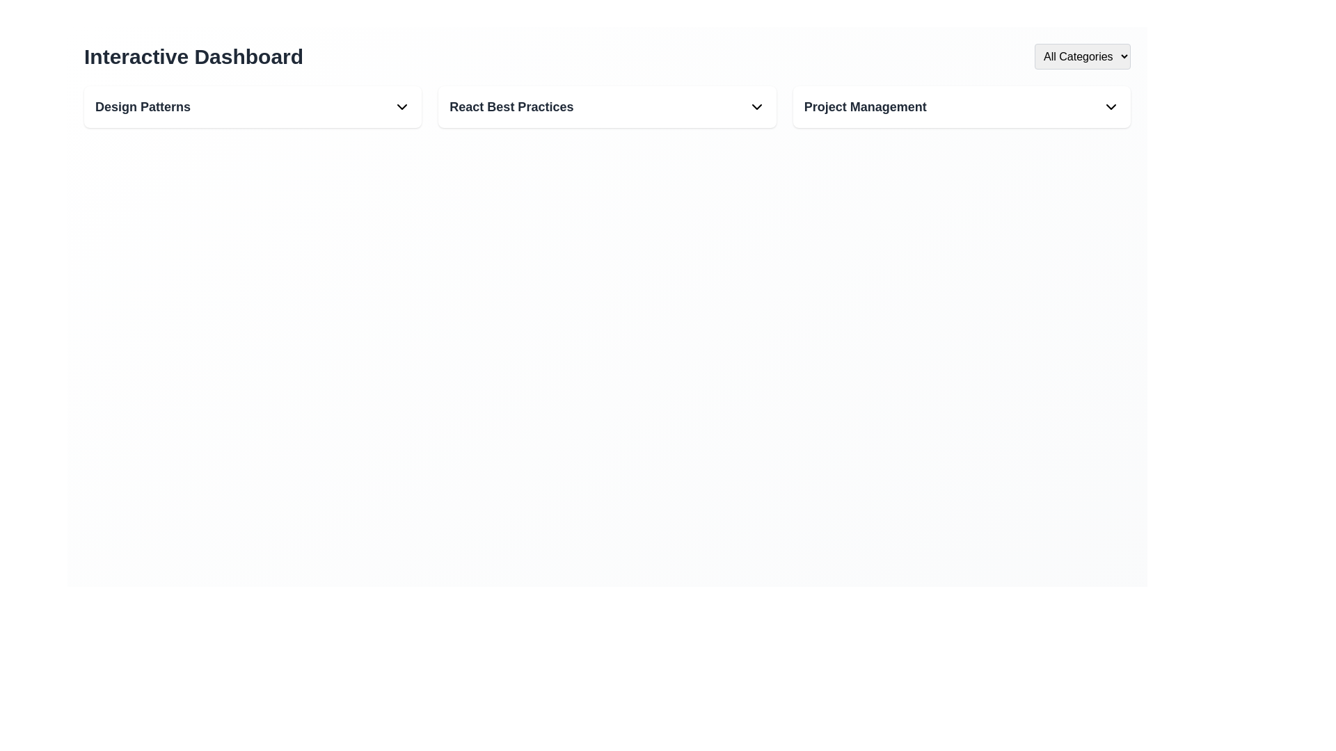 This screenshot has height=751, width=1336. Describe the element at coordinates (1111, 106) in the screenshot. I see `the Icon Button located in the 'Project Management' section at the top-right of the interface` at that location.